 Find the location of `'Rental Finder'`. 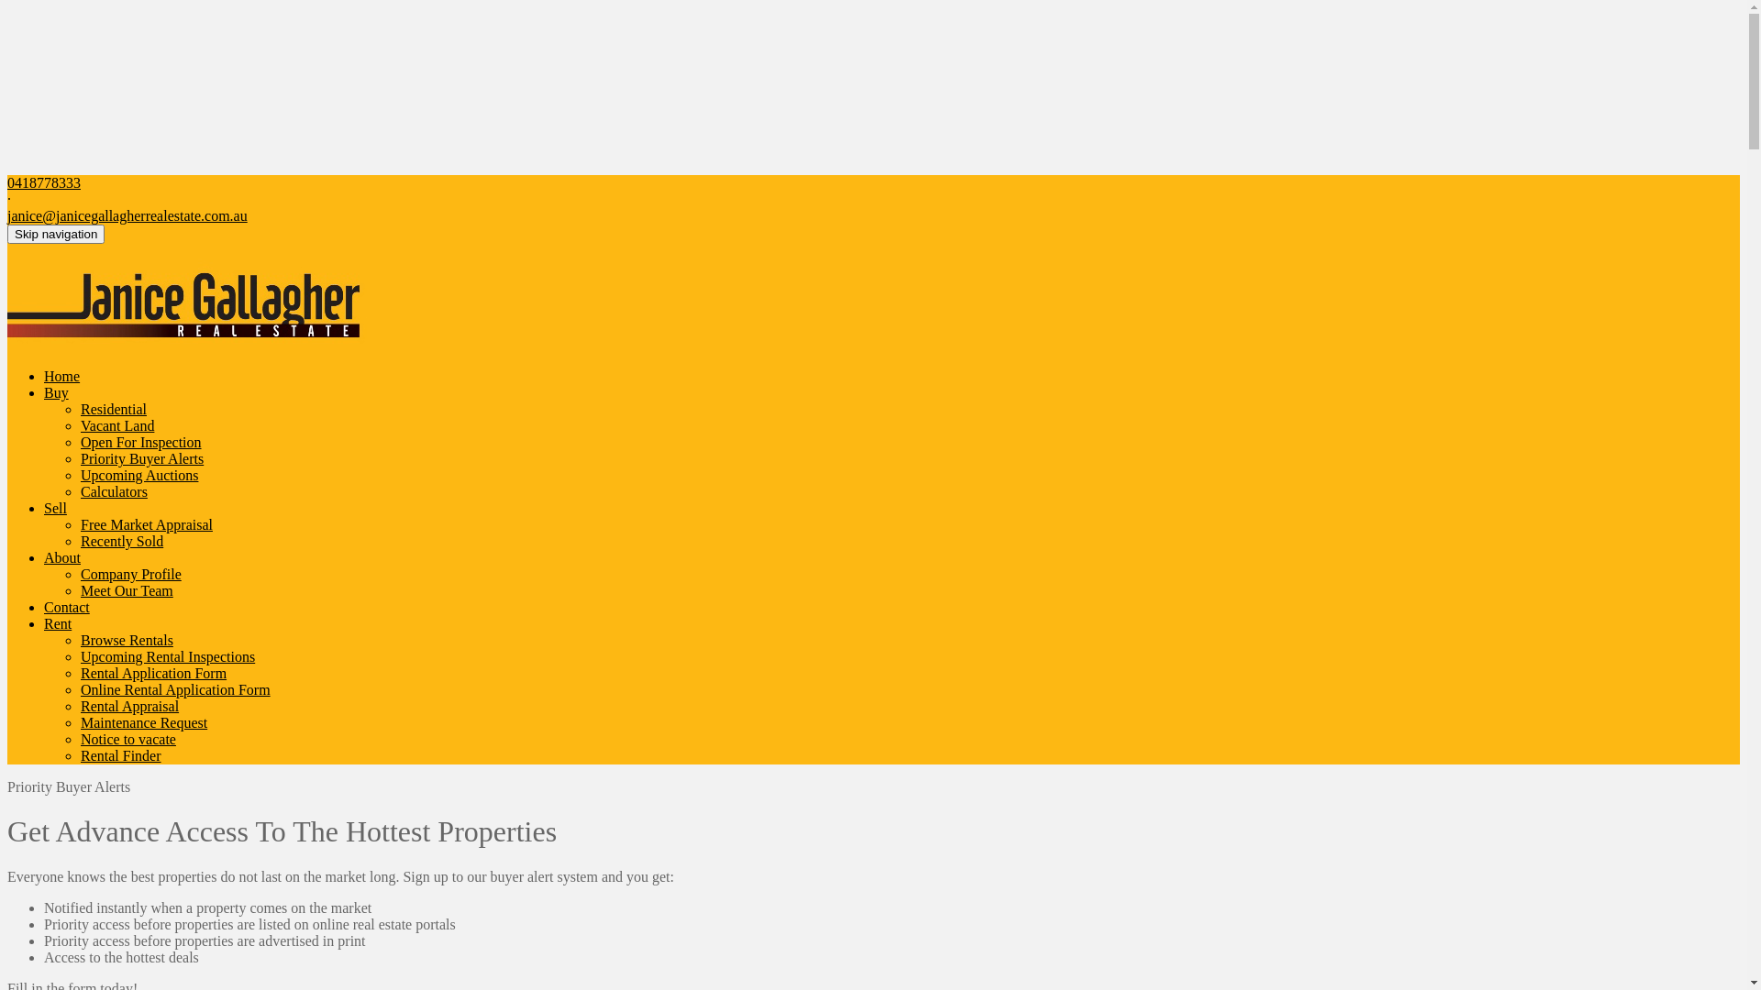

'Rental Finder' is located at coordinates (119, 755).